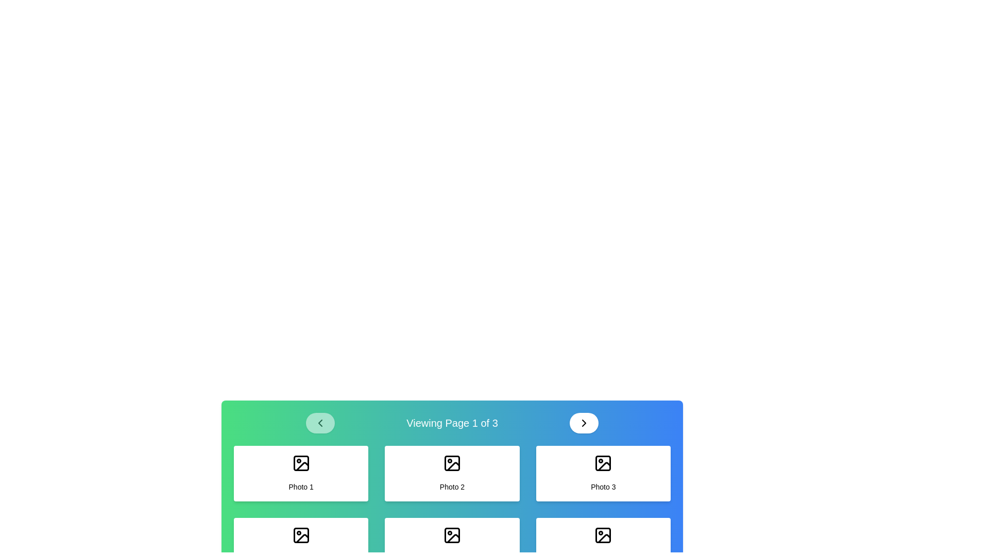 The width and height of the screenshot is (989, 556). What do you see at coordinates (452, 462) in the screenshot?
I see `the decorative graphical element within the SVG graphic that represents the second photo in a row of images in the gallery-type interface` at bounding box center [452, 462].